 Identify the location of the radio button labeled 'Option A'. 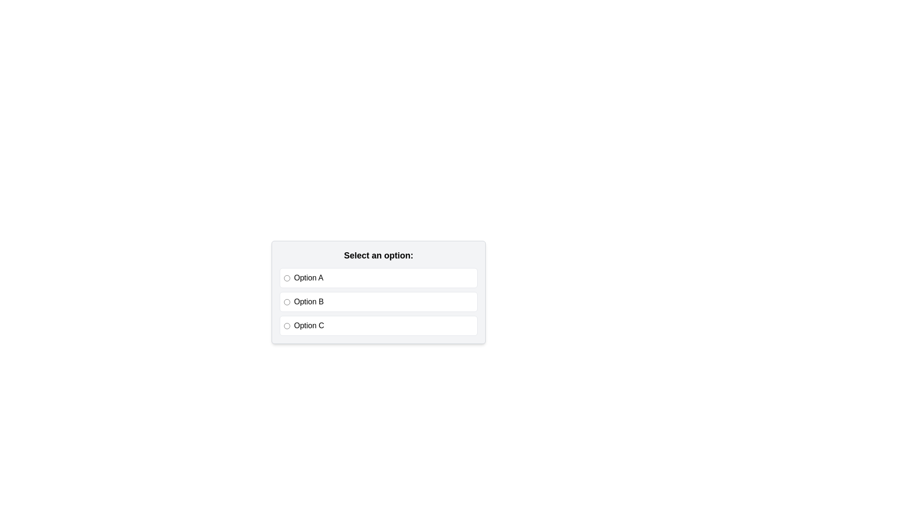
(286, 278).